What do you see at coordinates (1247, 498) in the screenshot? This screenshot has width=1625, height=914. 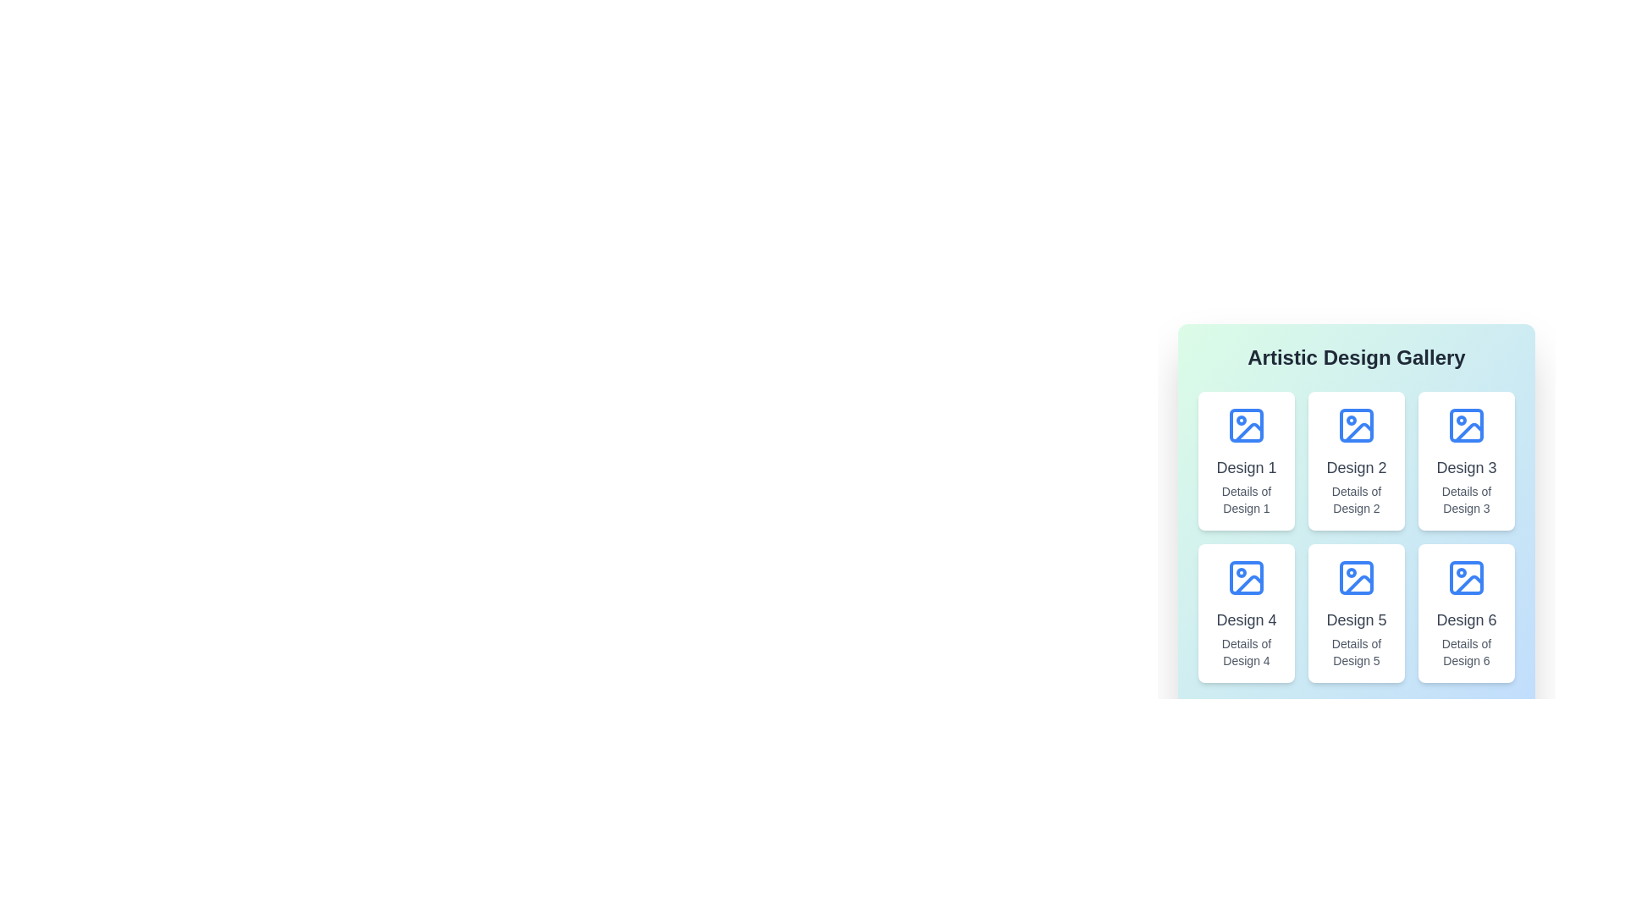 I see `the static text label providing additional descriptive information about 'Design 1', located directly under the heading in the first cell of a 2x3 grid` at bounding box center [1247, 498].